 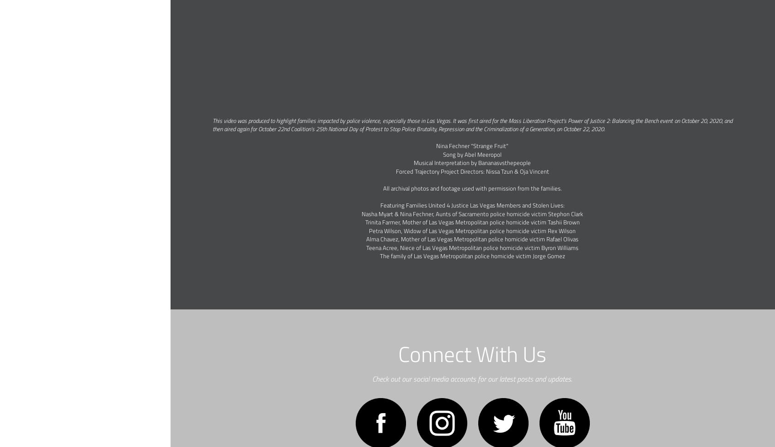 What do you see at coordinates (471, 378) in the screenshot?
I see `'Check out our social media accounts for our latest posts and updates.'` at bounding box center [471, 378].